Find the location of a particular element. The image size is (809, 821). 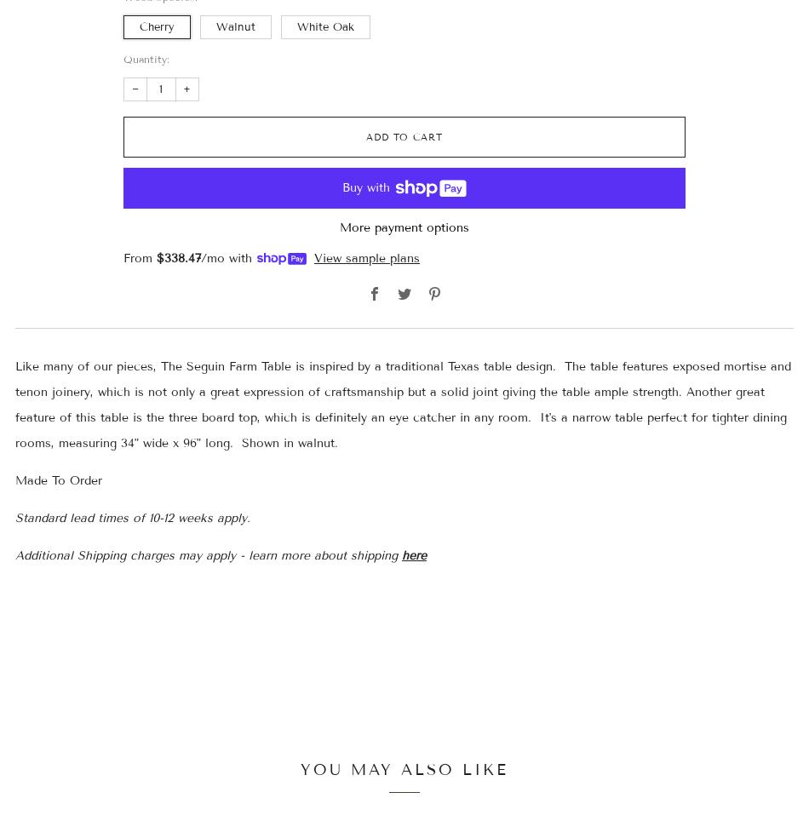

'Buy with' is located at coordinates (341, 187).